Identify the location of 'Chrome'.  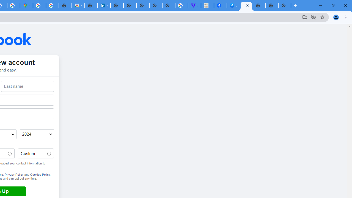
(346, 17).